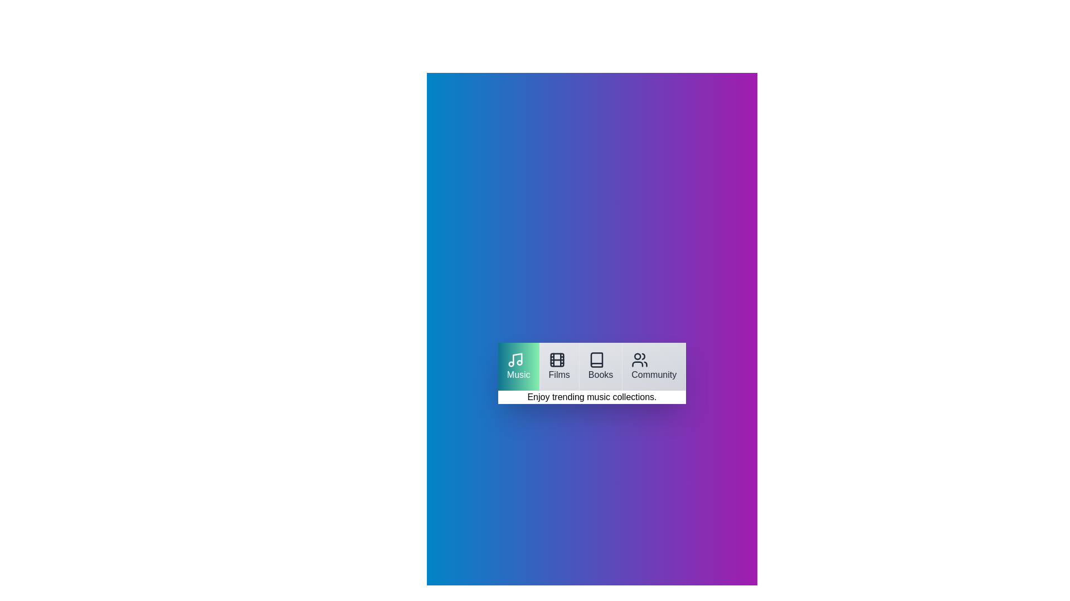 The image size is (1070, 601). What do you see at coordinates (557, 360) in the screenshot?
I see `the film reel icon, which is the second icon from the left in the row of items labeled 'Music,' 'Films,' 'Books,' and 'Community.' This icon is associated with the 'Films' category` at bounding box center [557, 360].